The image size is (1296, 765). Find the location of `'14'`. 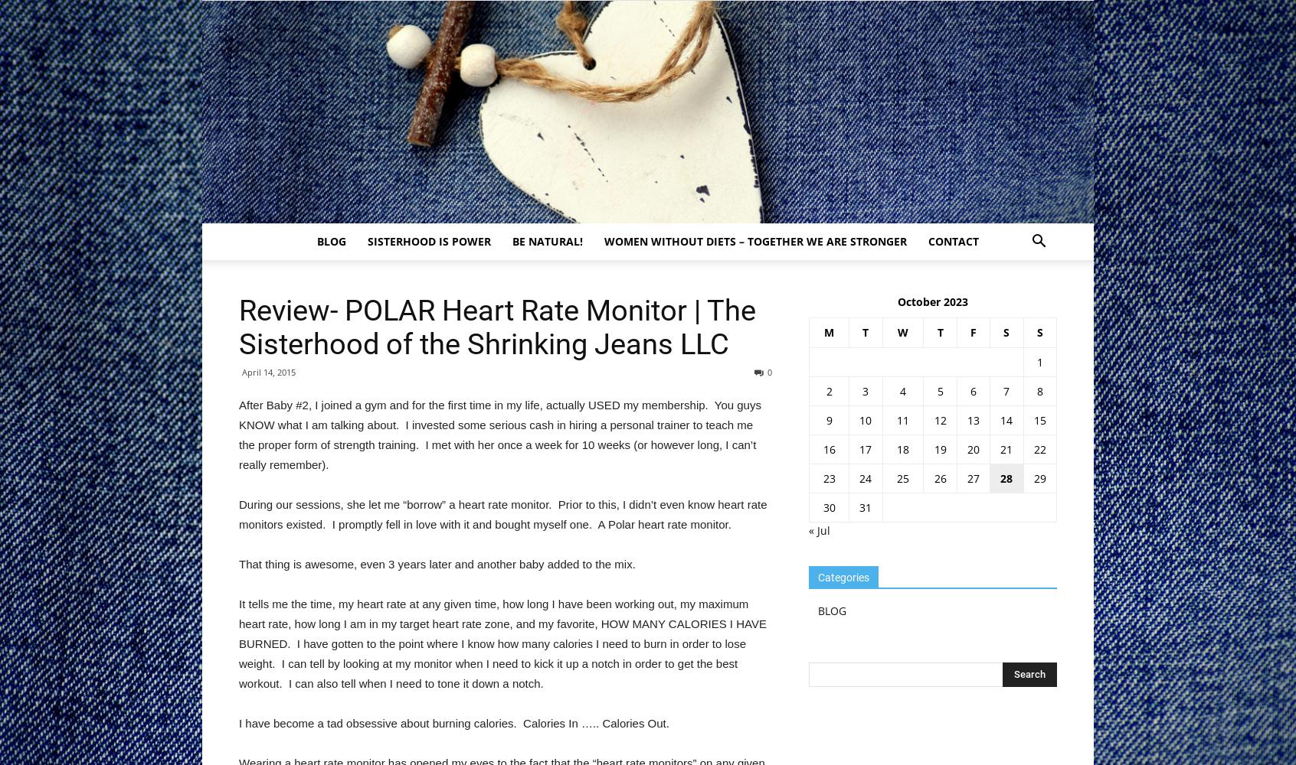

'14' is located at coordinates (1006, 420).